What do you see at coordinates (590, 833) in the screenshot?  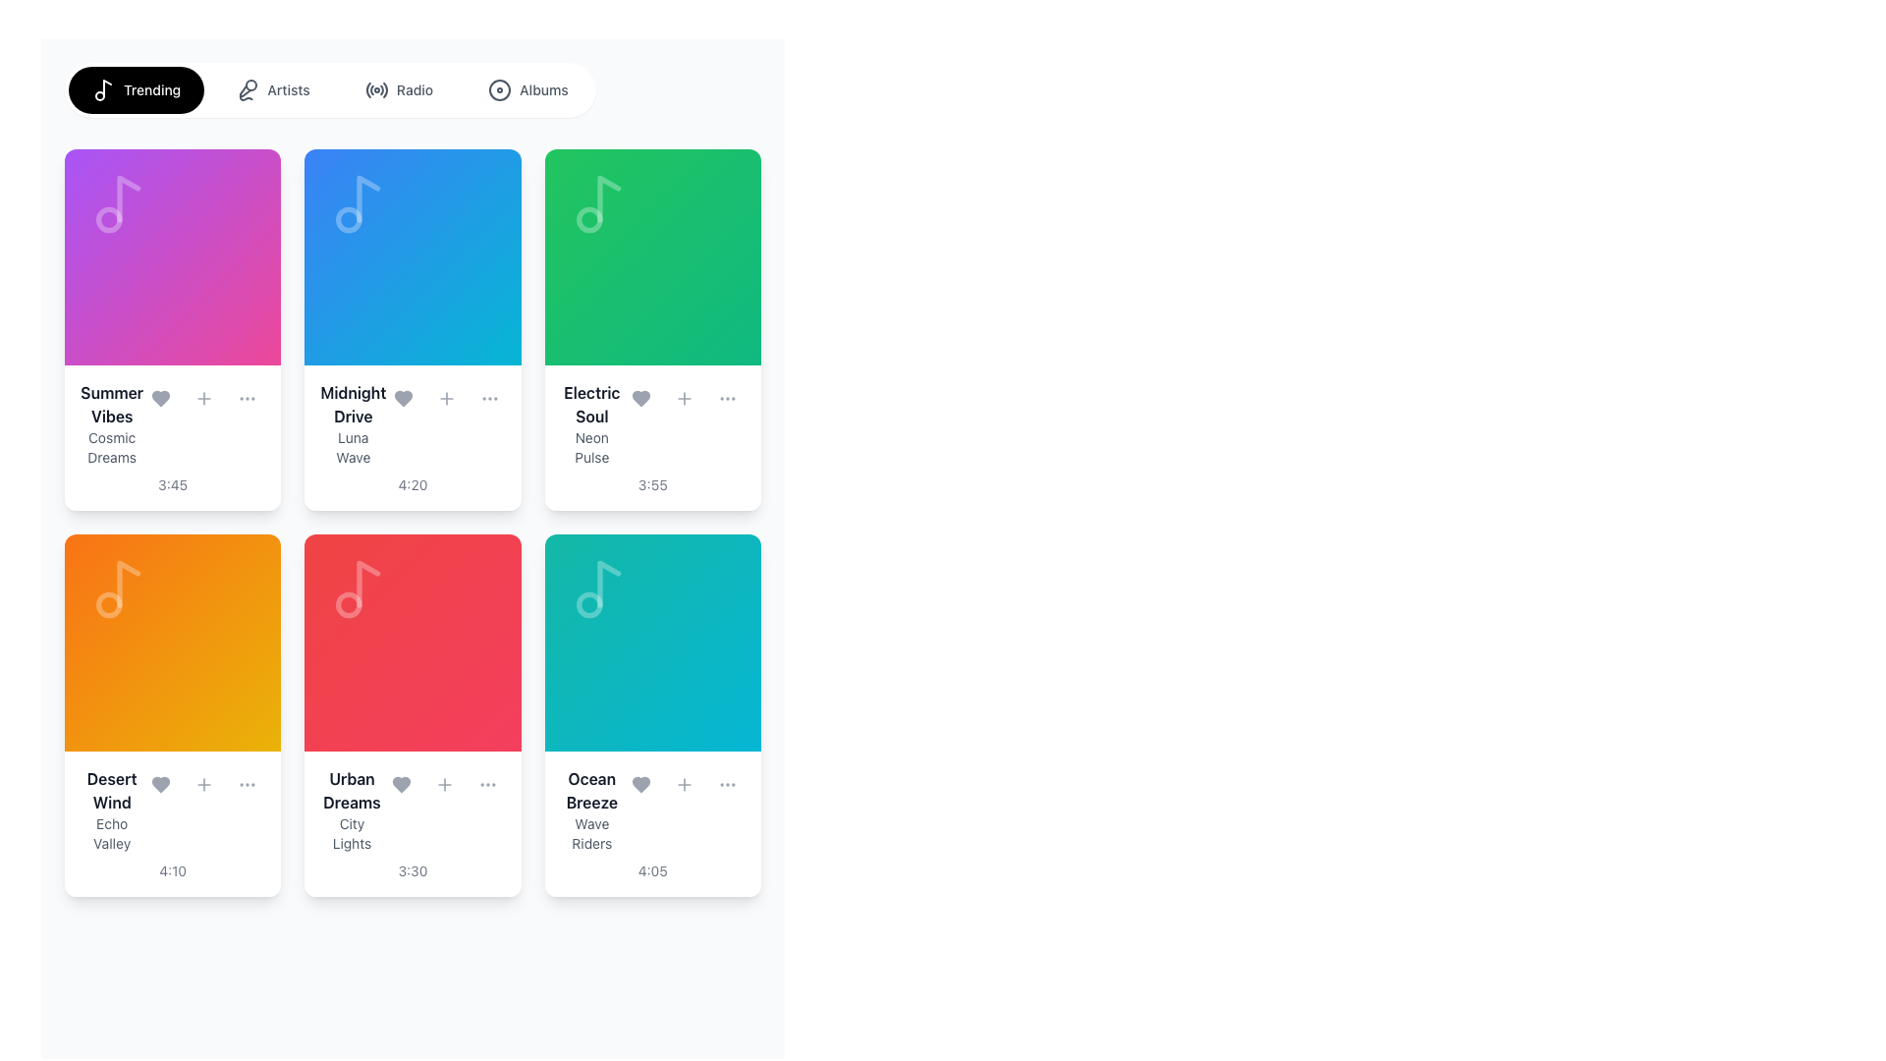 I see `the Static Text element displaying 'Wave Riders', which is located below 'Ocean Breeze' in a card with a teal background` at bounding box center [590, 833].